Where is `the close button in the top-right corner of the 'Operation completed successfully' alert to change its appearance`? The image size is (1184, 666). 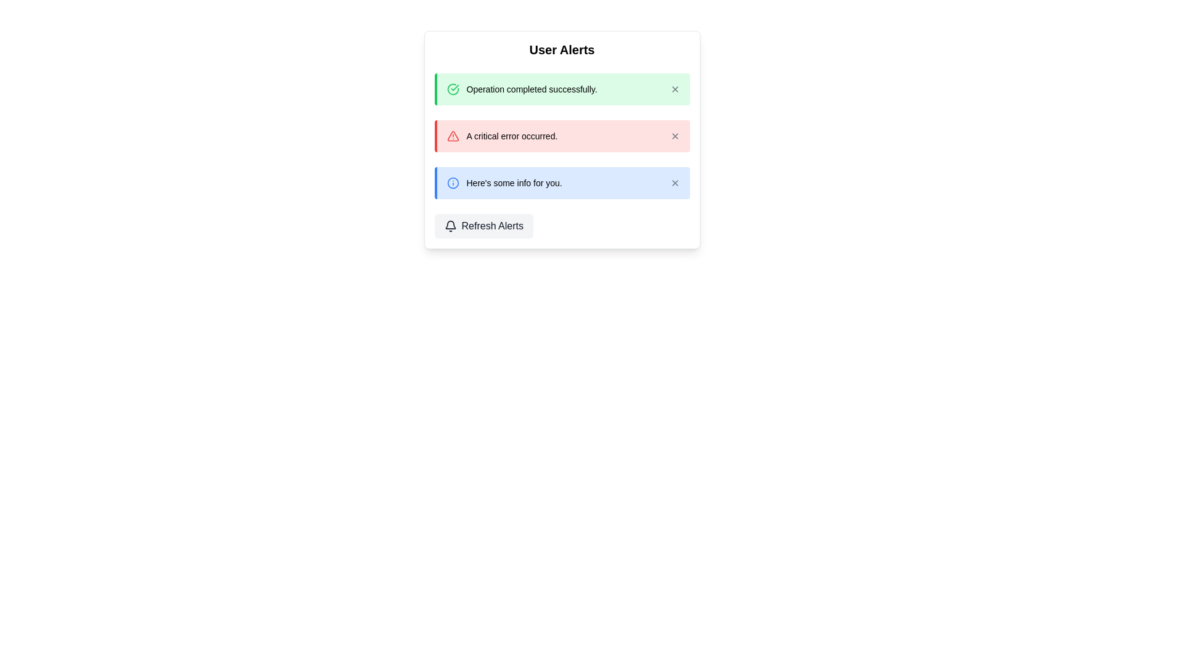
the close button in the top-right corner of the 'Operation completed successfully' alert to change its appearance is located at coordinates (674, 89).